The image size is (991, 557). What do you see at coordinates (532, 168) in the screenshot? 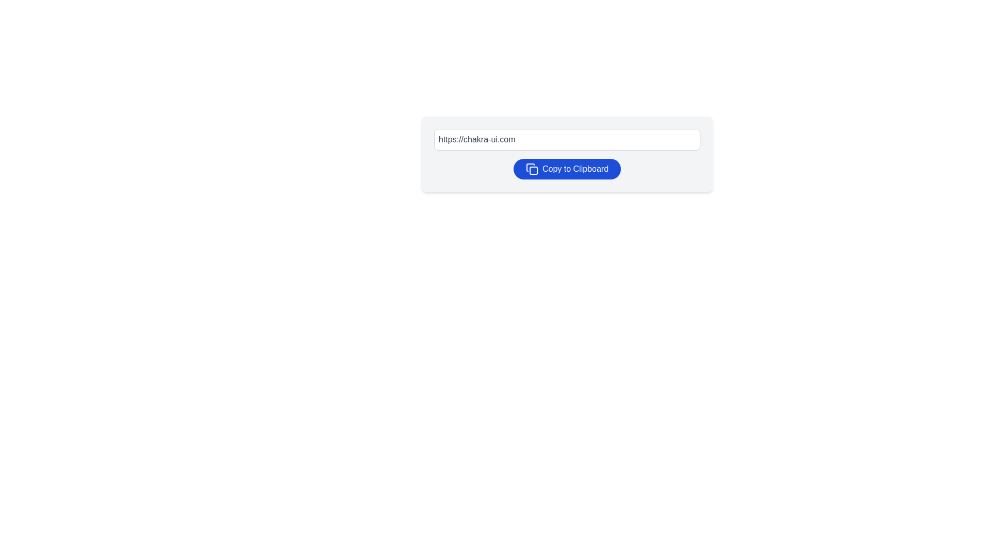
I see `the copy icon located on the left side of the 'Copy to Clipboard' button, which is represented by two overlapping rectangles with rounded corners` at bounding box center [532, 168].